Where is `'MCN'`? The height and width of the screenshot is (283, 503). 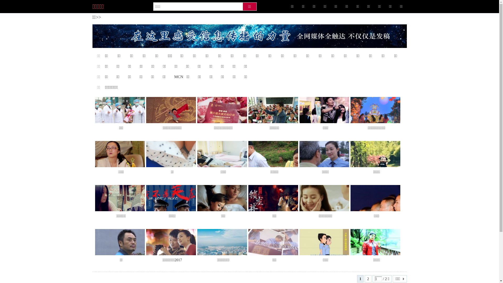
'MCN' is located at coordinates (178, 77).